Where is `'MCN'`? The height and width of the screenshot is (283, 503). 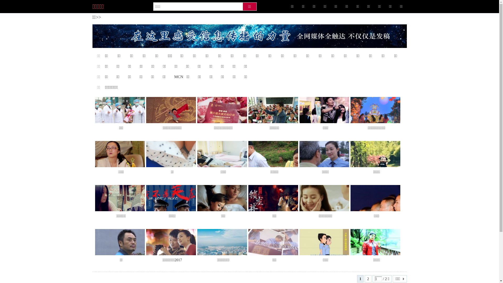
'MCN' is located at coordinates (178, 77).